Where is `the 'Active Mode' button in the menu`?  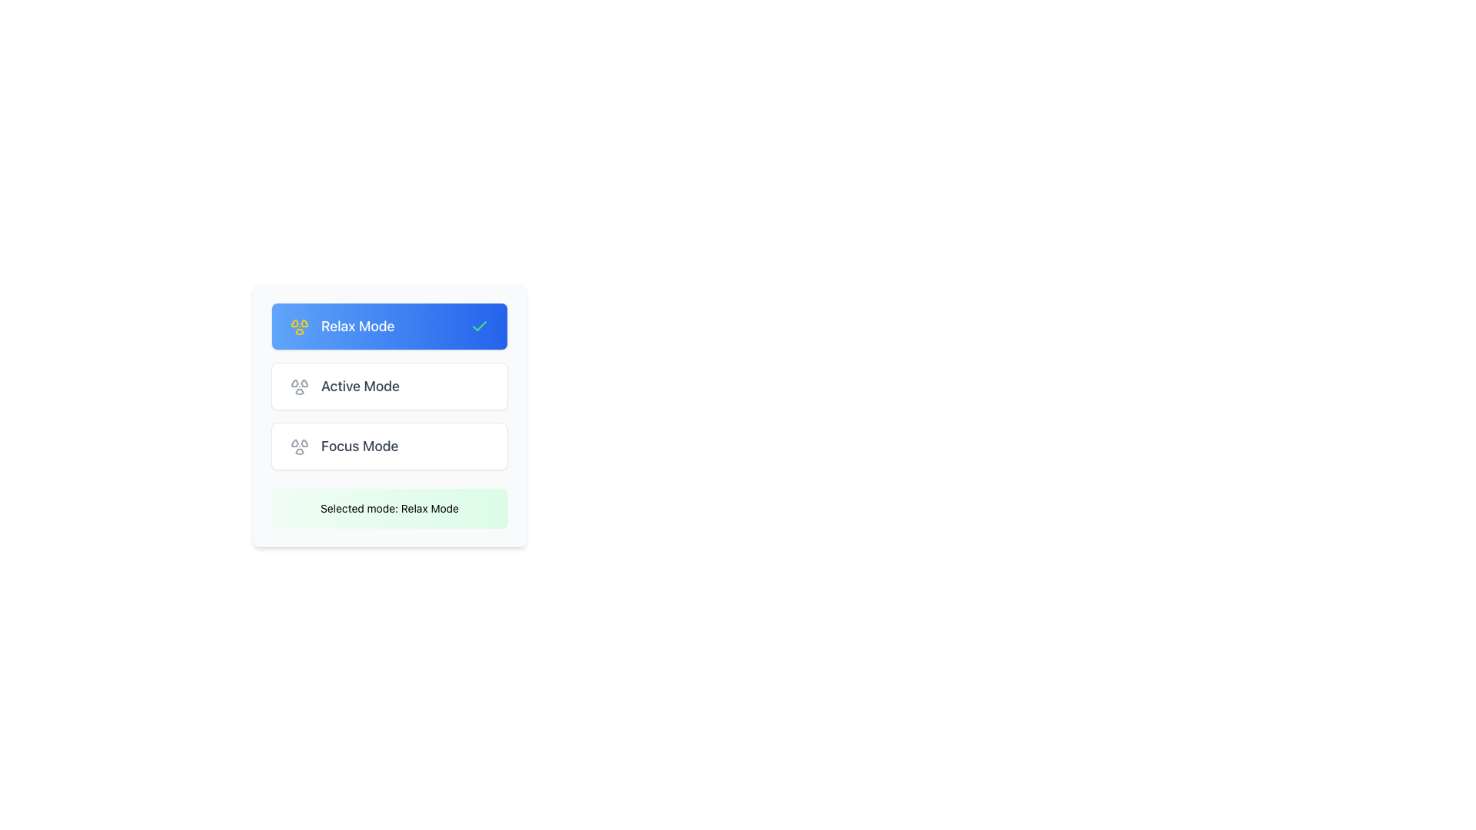 the 'Active Mode' button in the menu is located at coordinates (390, 415).